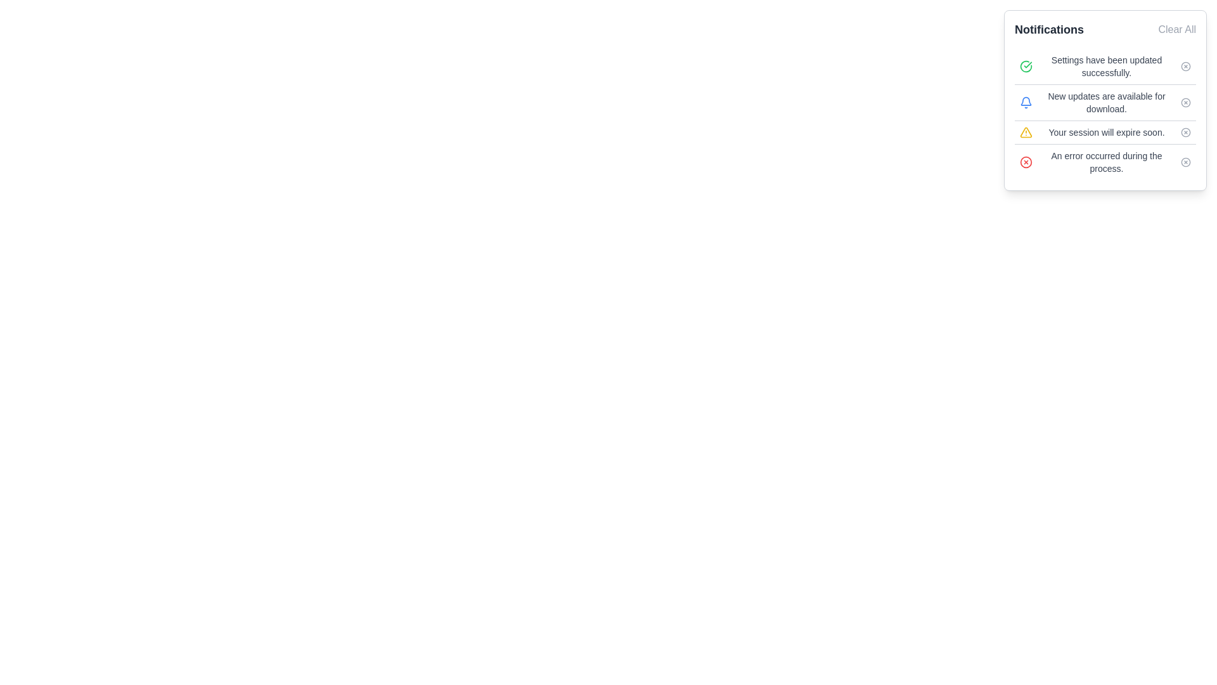 The image size is (1217, 685). Describe the element at coordinates (1106, 161) in the screenshot. I see `the error message Text Label, which is located at the bottom-right corner of the notification card and positioned to the left of the dismiss button` at that location.